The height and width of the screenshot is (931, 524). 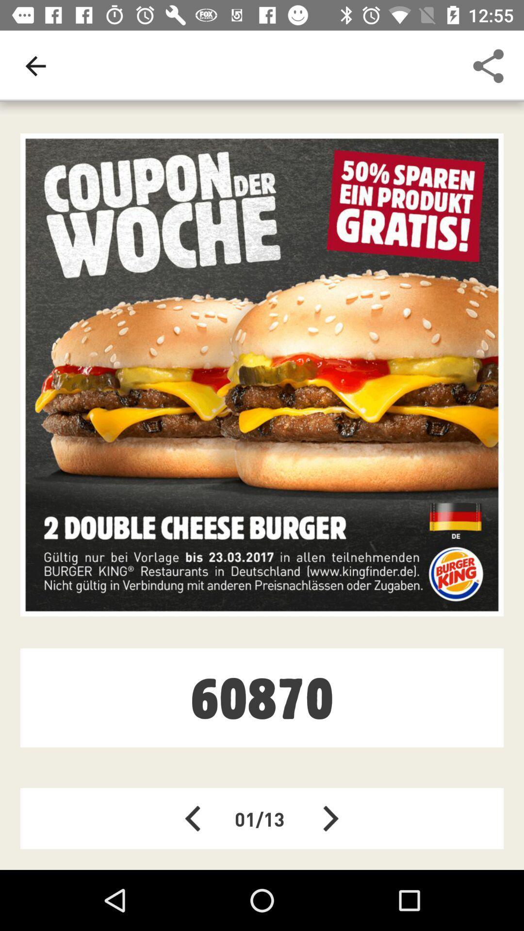 What do you see at coordinates (330, 818) in the screenshot?
I see `the arrow_forward icon` at bounding box center [330, 818].